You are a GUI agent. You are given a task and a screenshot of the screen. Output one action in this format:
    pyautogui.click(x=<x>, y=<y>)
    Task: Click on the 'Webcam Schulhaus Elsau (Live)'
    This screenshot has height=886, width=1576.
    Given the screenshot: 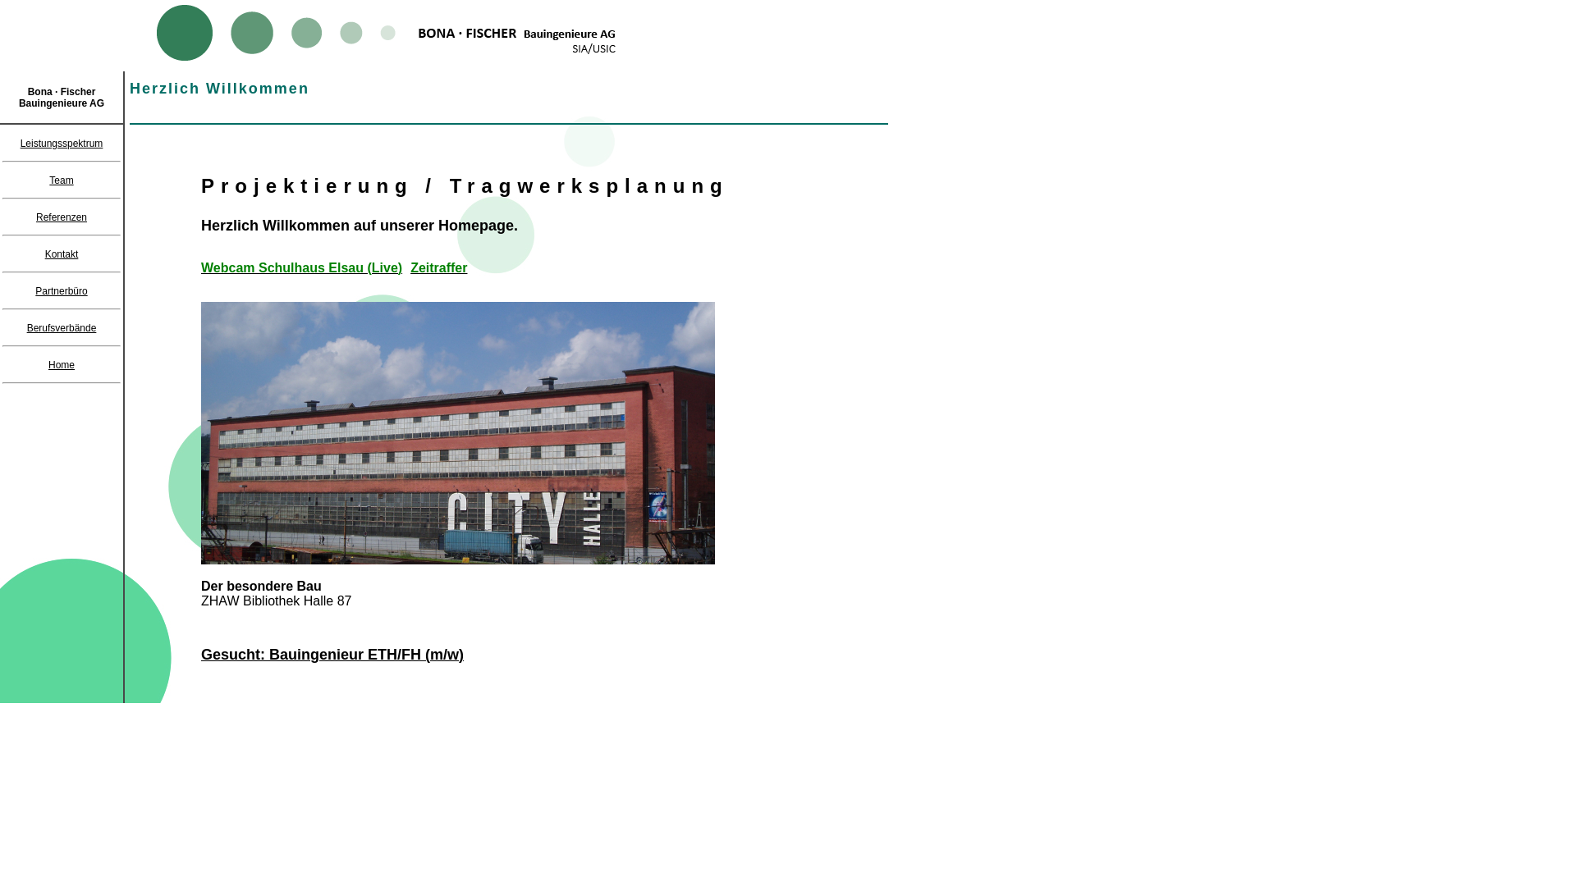 What is the action you would take?
    pyautogui.click(x=301, y=267)
    